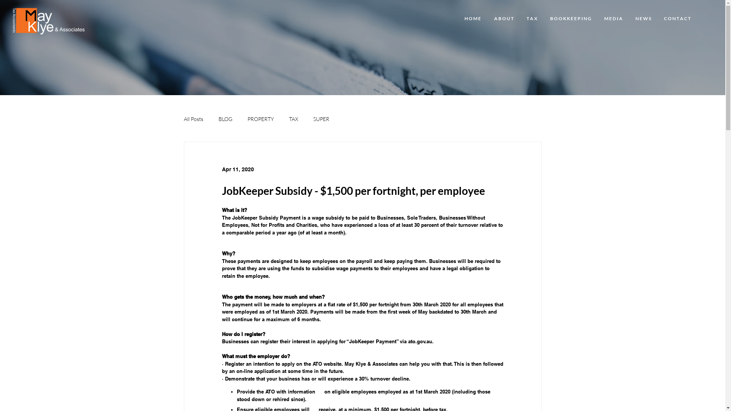 This screenshot has height=411, width=731. Describe the element at coordinates (457, 18) in the screenshot. I see `'H O M E'` at that location.